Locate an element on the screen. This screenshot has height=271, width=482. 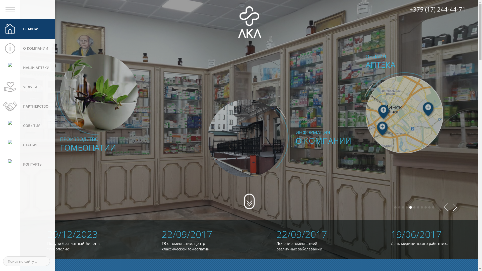
'1' is located at coordinates (394, 207).